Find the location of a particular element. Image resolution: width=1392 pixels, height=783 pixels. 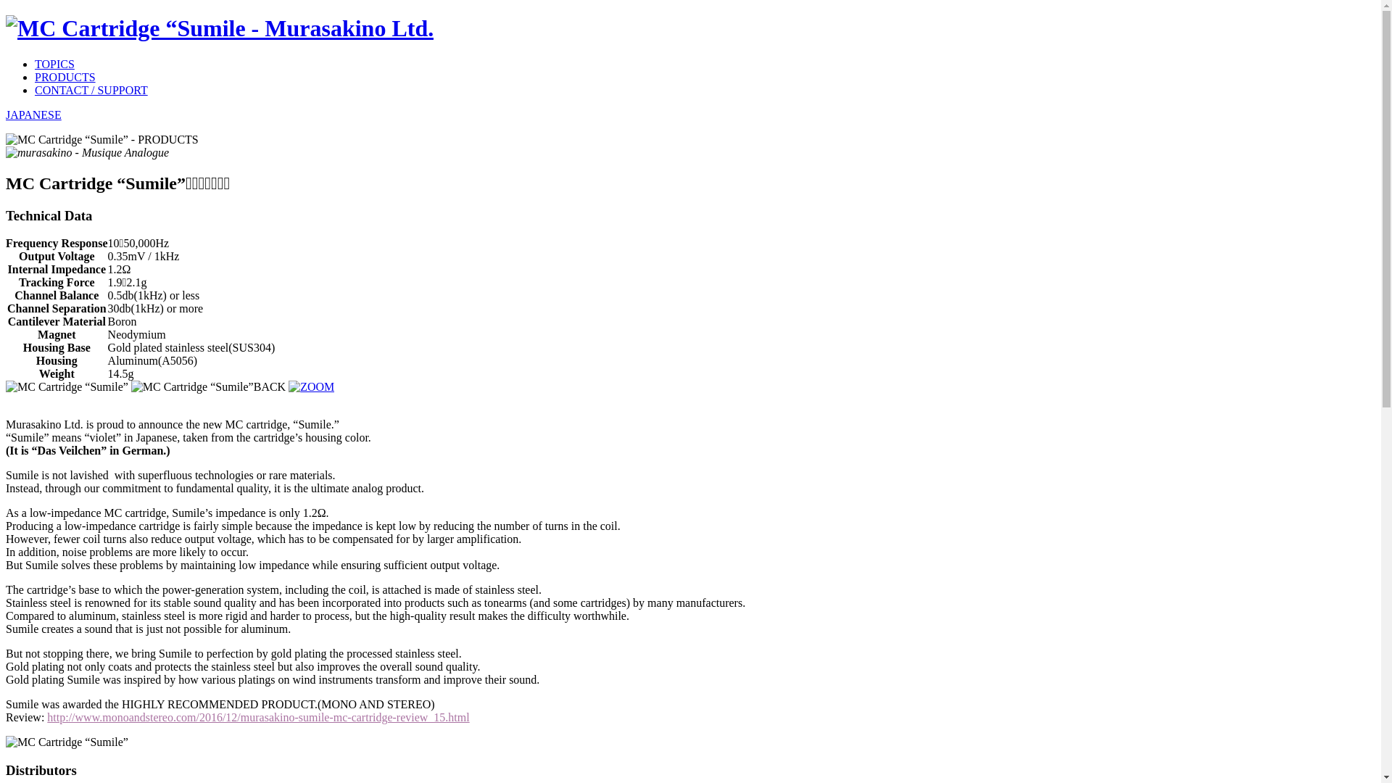

'JAPANESE' is located at coordinates (33, 114).